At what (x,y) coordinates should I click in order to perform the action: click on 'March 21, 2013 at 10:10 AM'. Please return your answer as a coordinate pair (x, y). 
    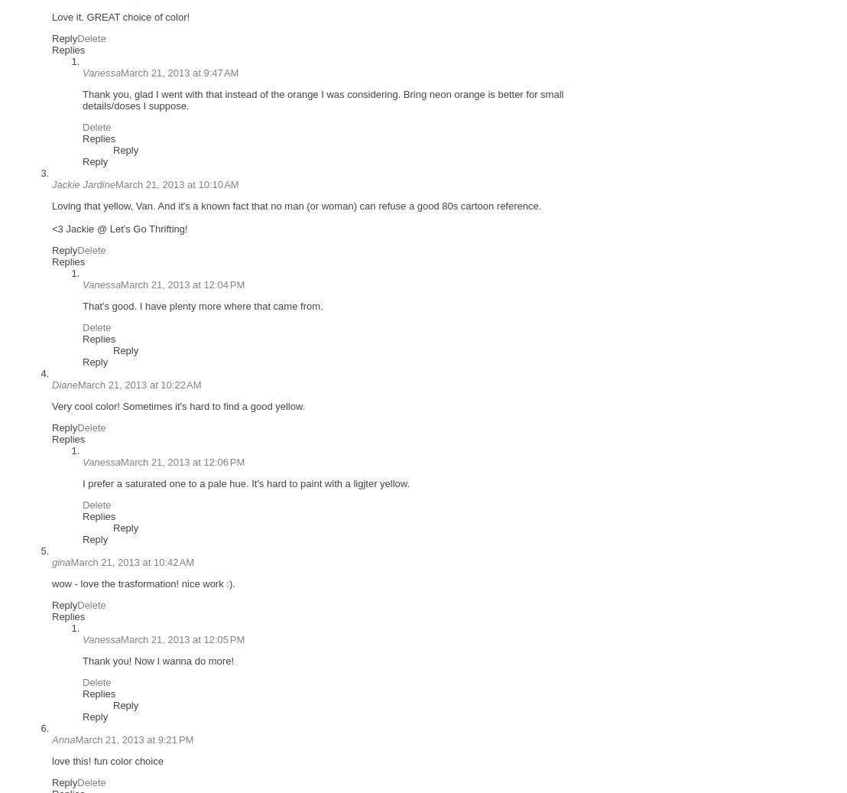
    Looking at the image, I should click on (177, 184).